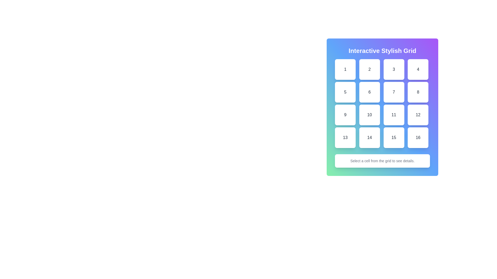 Image resolution: width=497 pixels, height=279 pixels. I want to click on the interactive button in the second row and second column of the grid, so click(369, 92).